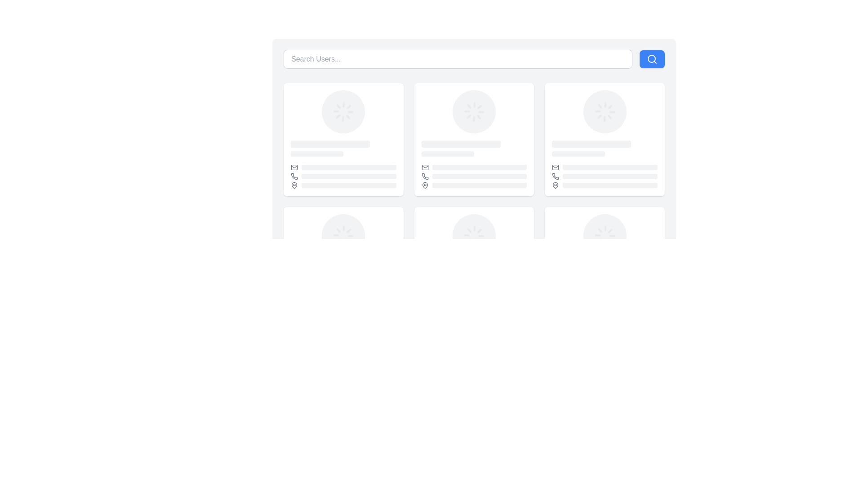 The width and height of the screenshot is (863, 485). I want to click on the telephone handset icon located in the user profile card, positioned between the envelope icon above and the location pin icon below, so click(294, 176).